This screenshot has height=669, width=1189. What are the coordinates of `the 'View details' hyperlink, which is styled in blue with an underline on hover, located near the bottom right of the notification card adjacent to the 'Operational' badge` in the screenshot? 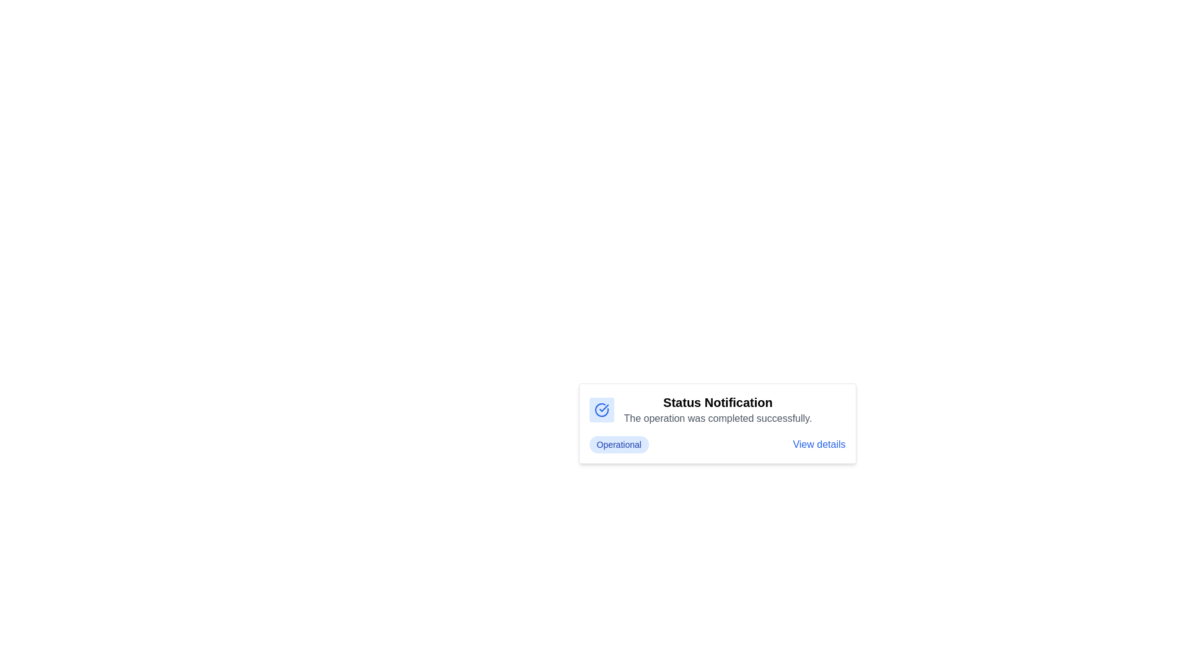 It's located at (819, 444).